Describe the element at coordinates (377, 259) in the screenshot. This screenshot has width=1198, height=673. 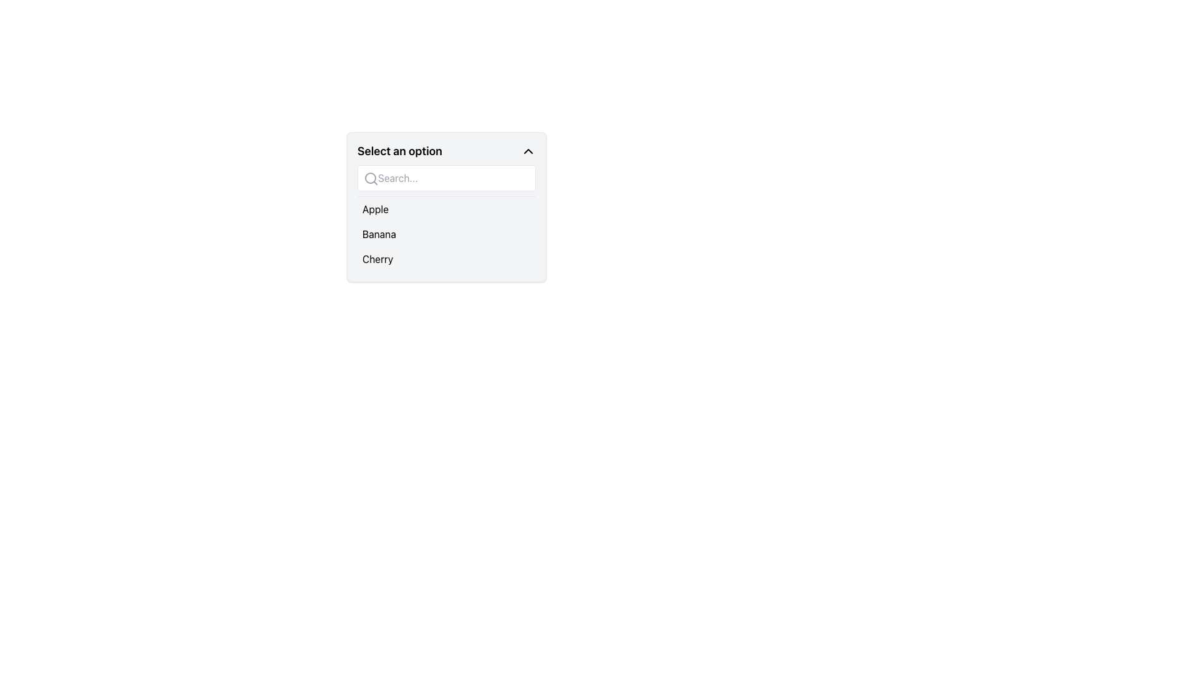
I see `the 'Cherry' text element in the dropdown list` at that location.